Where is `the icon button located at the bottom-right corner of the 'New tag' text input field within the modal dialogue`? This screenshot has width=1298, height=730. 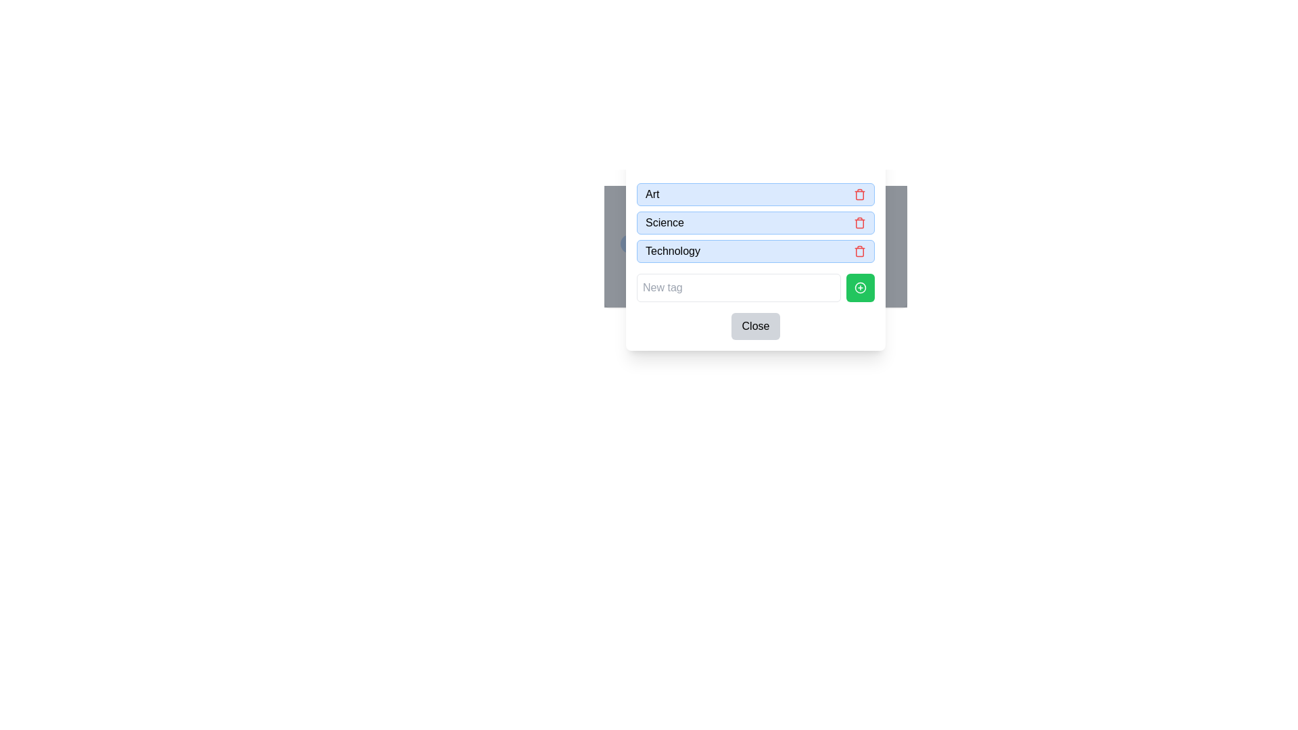 the icon button located at the bottom-right corner of the 'New tag' text input field within the modal dialogue is located at coordinates (859, 287).